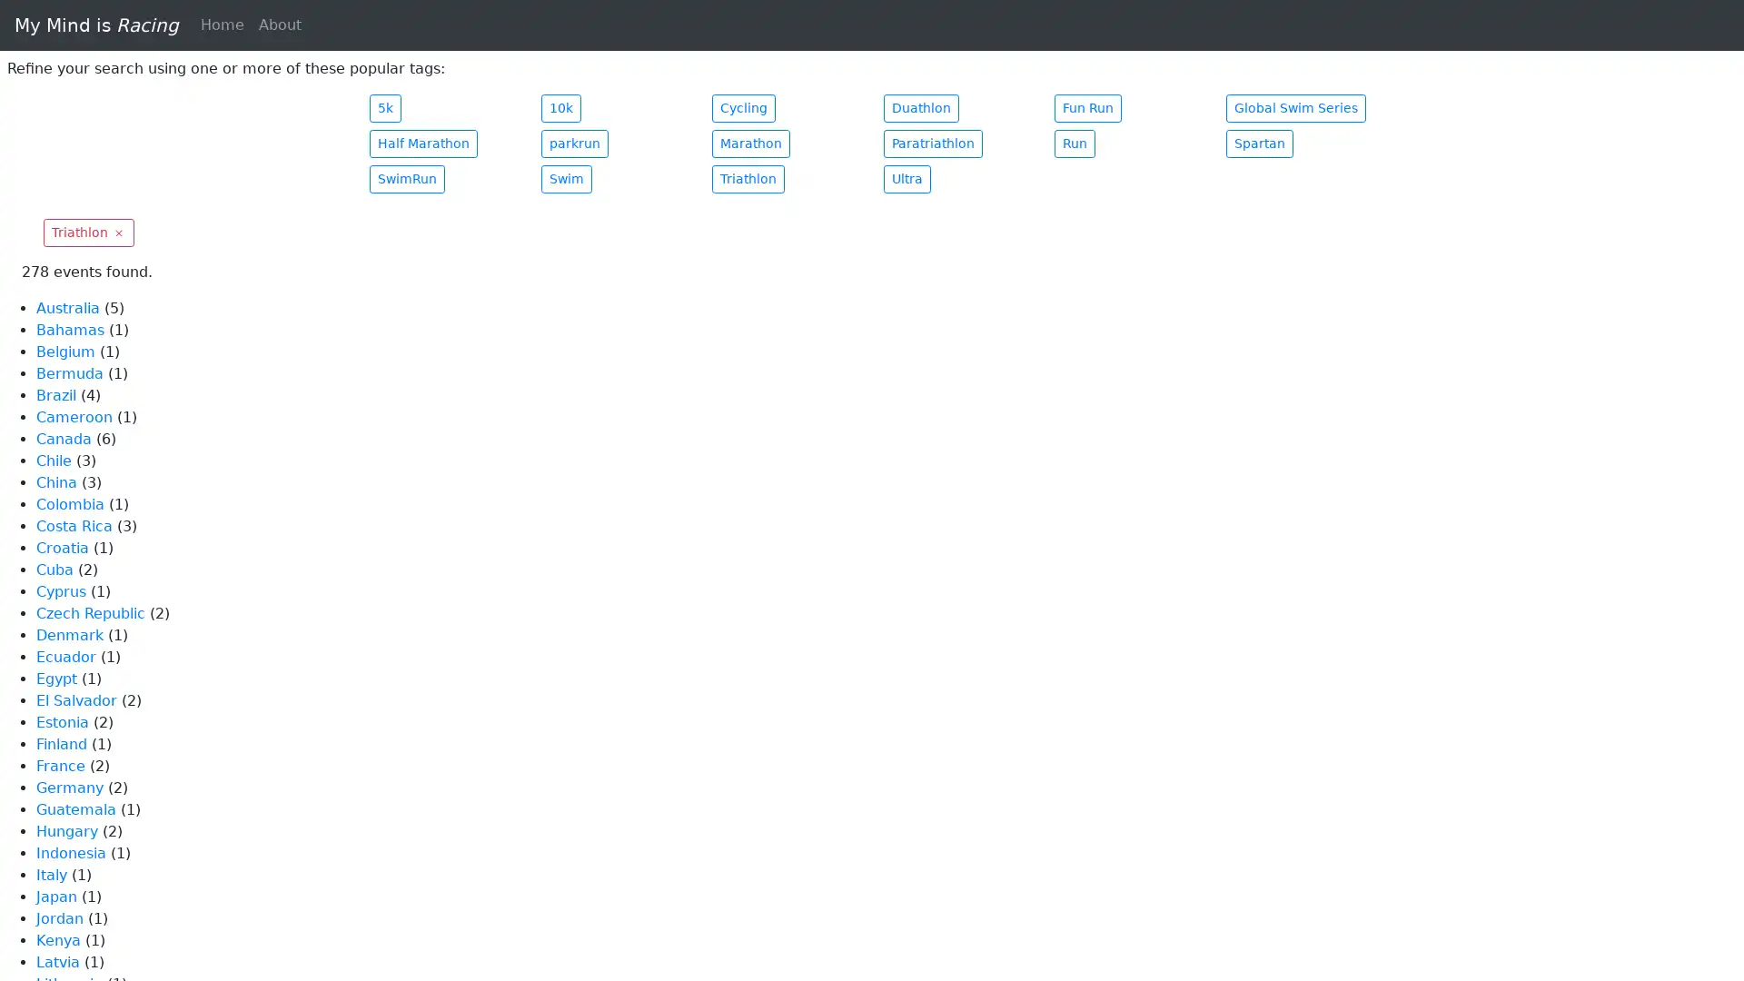 Image resolution: width=1744 pixels, height=981 pixels. What do you see at coordinates (422, 143) in the screenshot?
I see `Half Marathon` at bounding box center [422, 143].